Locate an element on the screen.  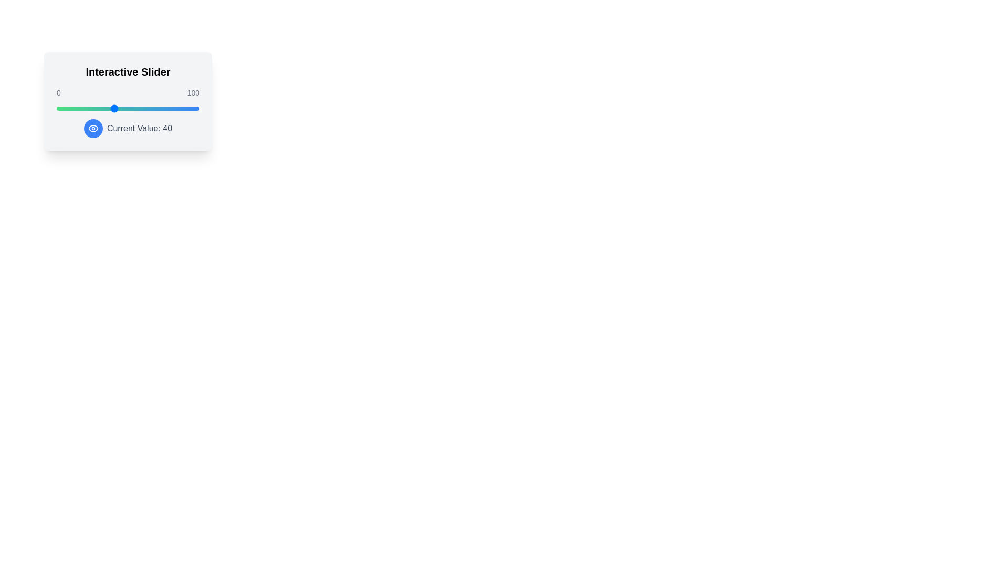
the eye icon button to toggle the visibility of the slider value is located at coordinates (93, 128).